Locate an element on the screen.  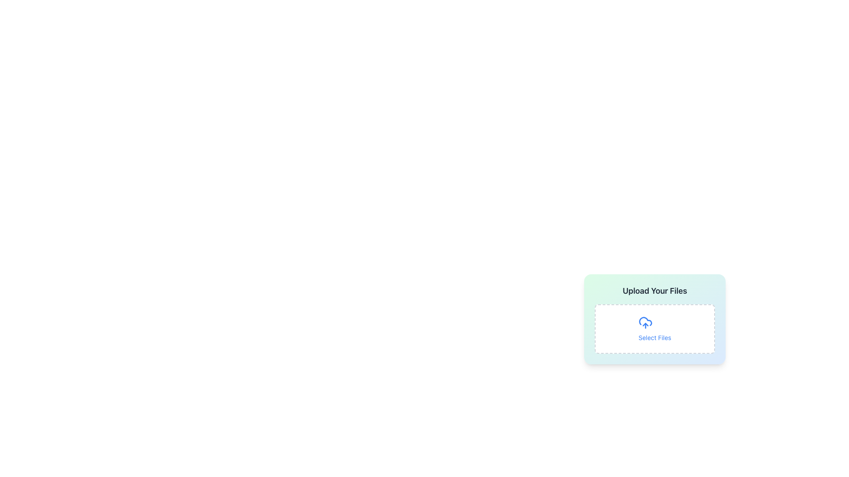
the decorative cloud icon within the 'Upload Your Files' UI card, which visually represents the upload functionality is located at coordinates (645, 321).